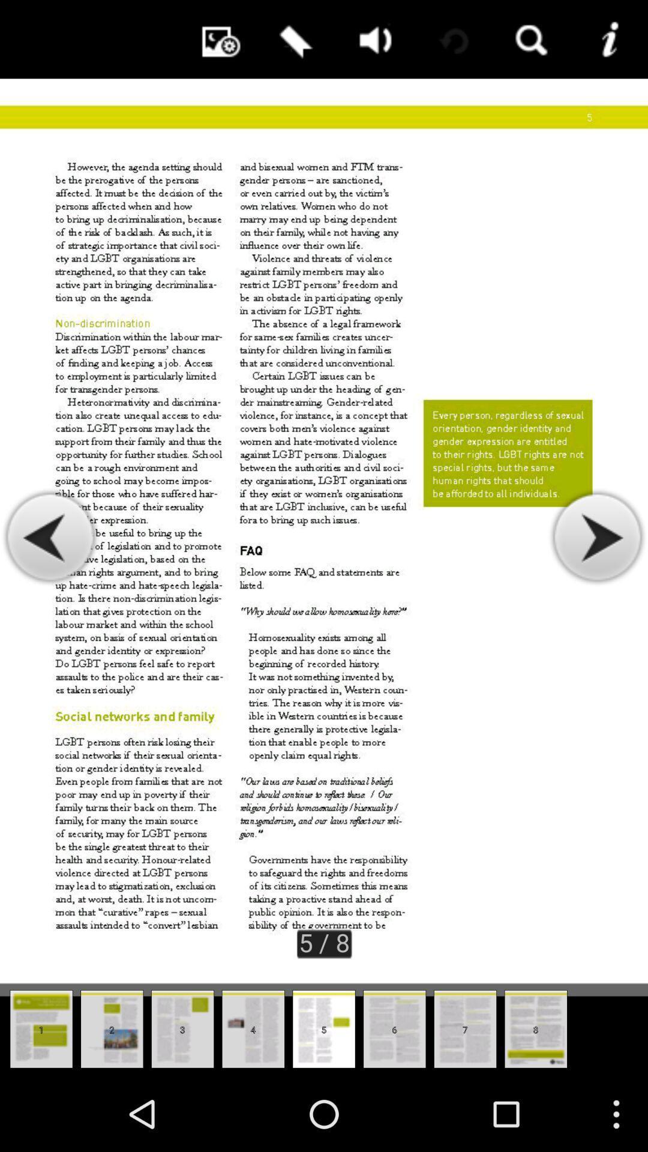 This screenshot has height=1152, width=648. I want to click on advance page, so click(596, 537).